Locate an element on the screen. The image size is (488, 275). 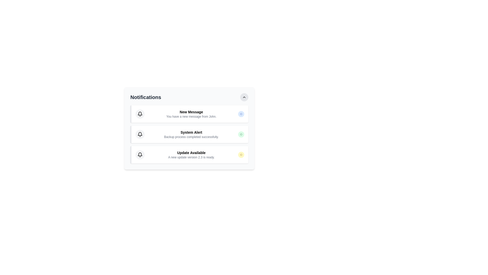
the text label reading 'Backup process completed successfully.' which is styled in gray and located below the 'System Alert' heading in a notification block is located at coordinates (191, 136).